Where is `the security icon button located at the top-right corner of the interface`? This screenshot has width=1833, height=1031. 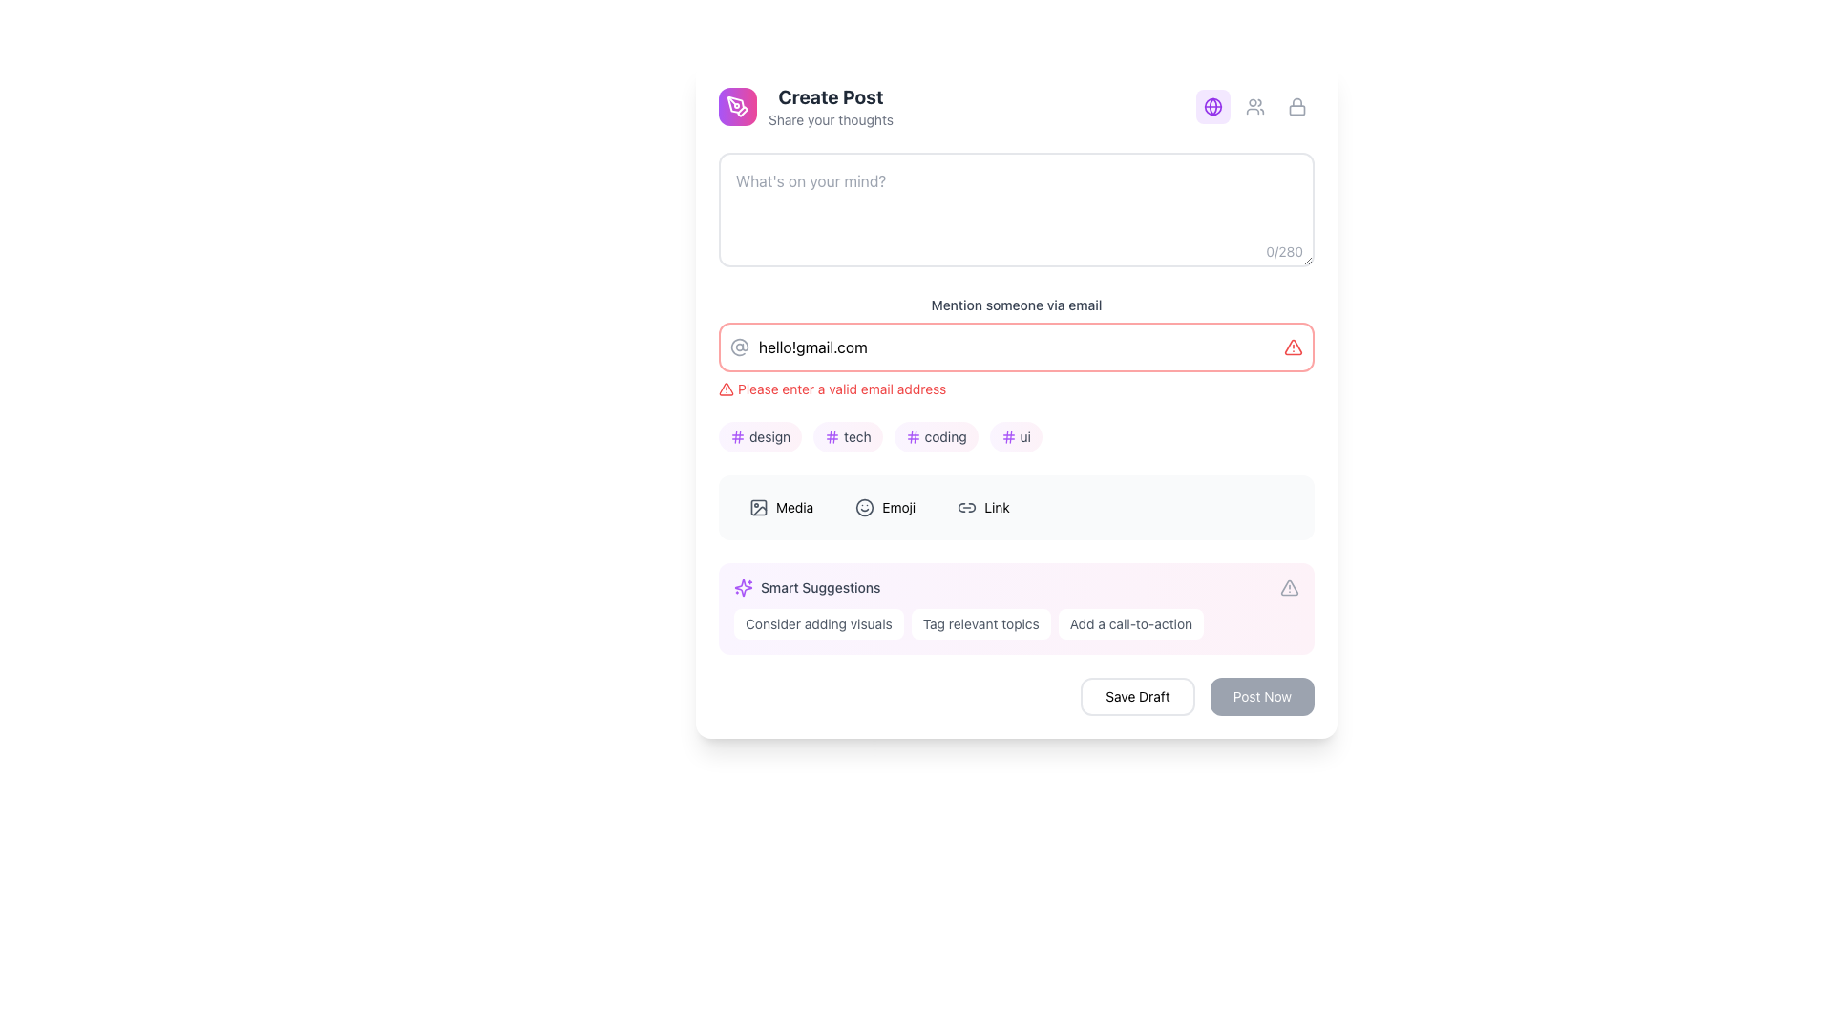 the security icon button located at the top-right corner of the interface is located at coordinates (1296, 106).